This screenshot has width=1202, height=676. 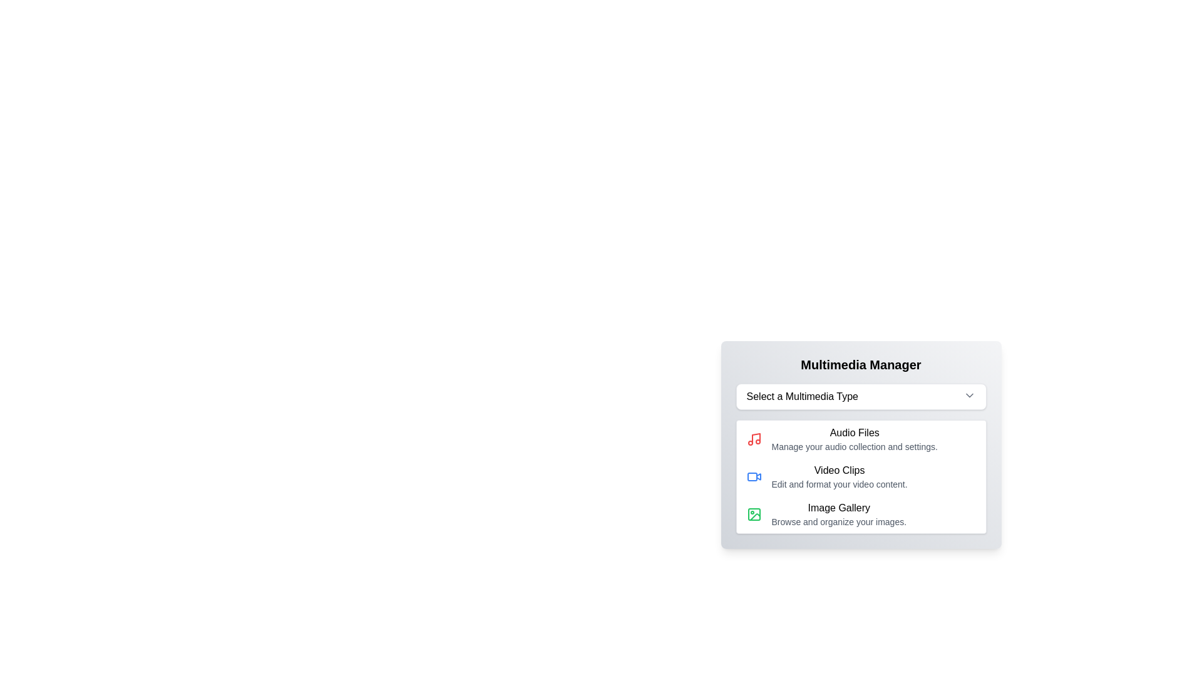 What do you see at coordinates (839, 508) in the screenshot?
I see `the 'Image Gallery' text label, which serves as the title for the subsection describing image gallery functionalities within the multimedia manager interface` at bounding box center [839, 508].